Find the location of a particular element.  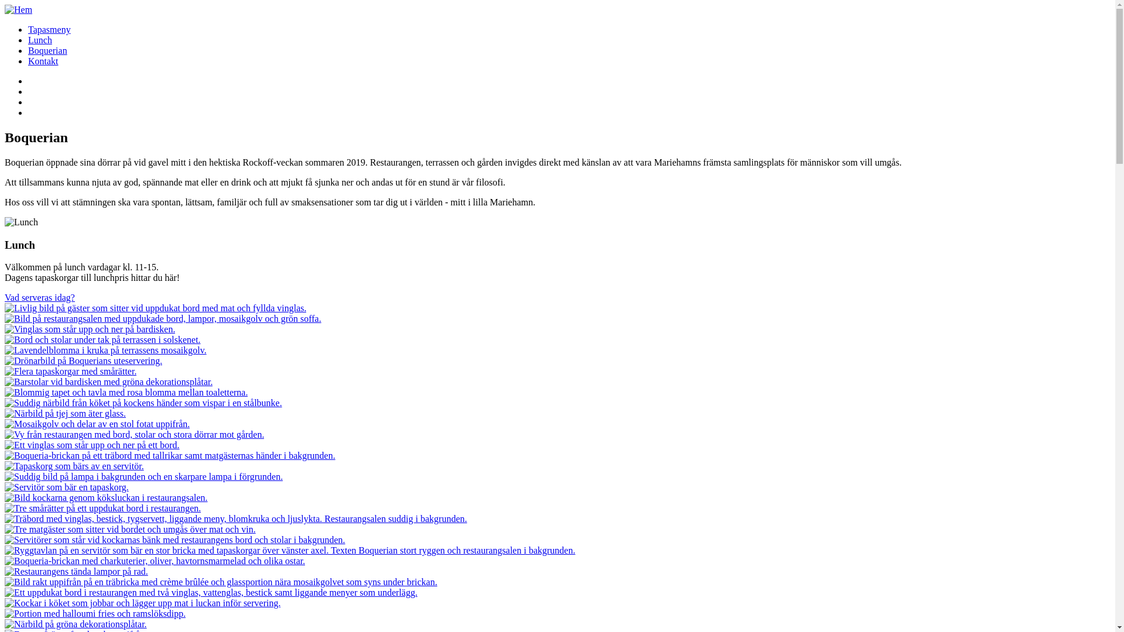

'Blommig tapet och tavla med rosa blomma mellan toaletterna.' is located at coordinates (126, 392).